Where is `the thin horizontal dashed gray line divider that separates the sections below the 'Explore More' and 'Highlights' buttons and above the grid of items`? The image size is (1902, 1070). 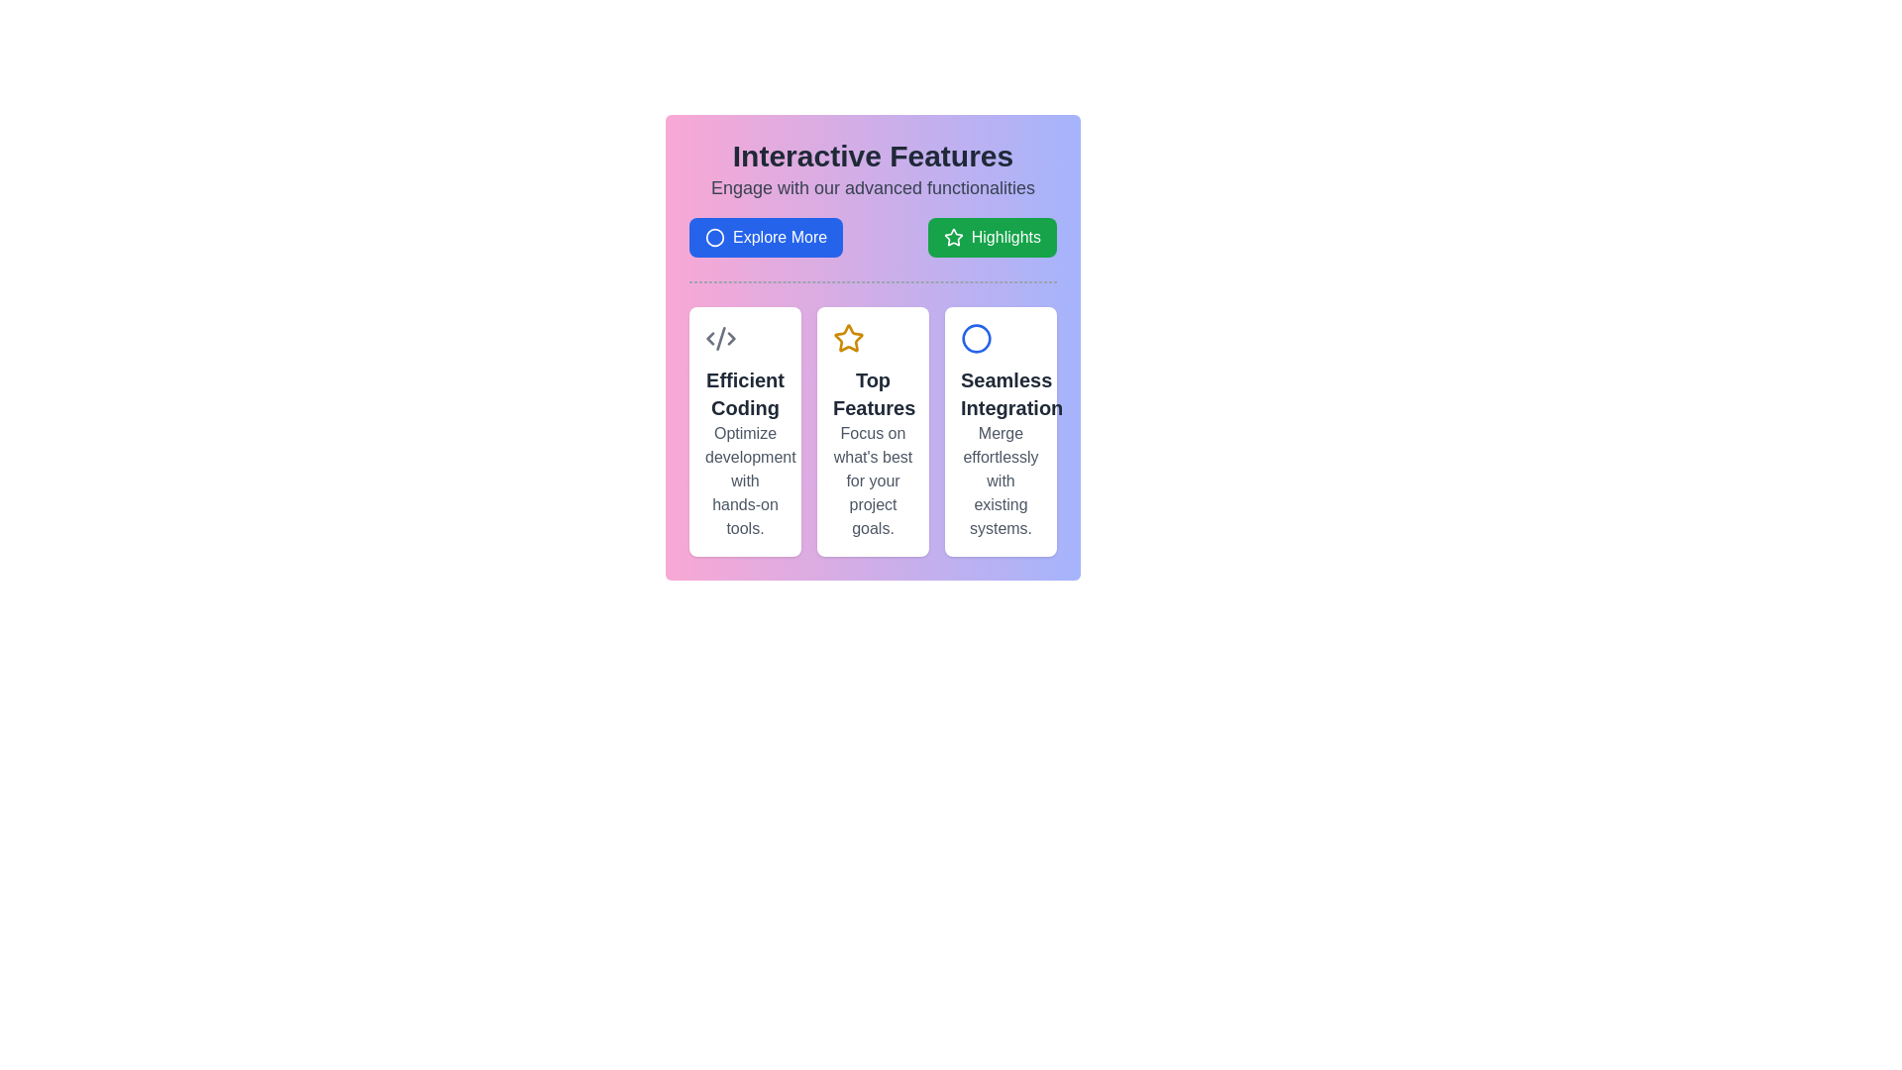
the thin horizontal dashed gray line divider that separates the sections below the 'Explore More' and 'Highlights' buttons and above the grid of items is located at coordinates (872, 282).